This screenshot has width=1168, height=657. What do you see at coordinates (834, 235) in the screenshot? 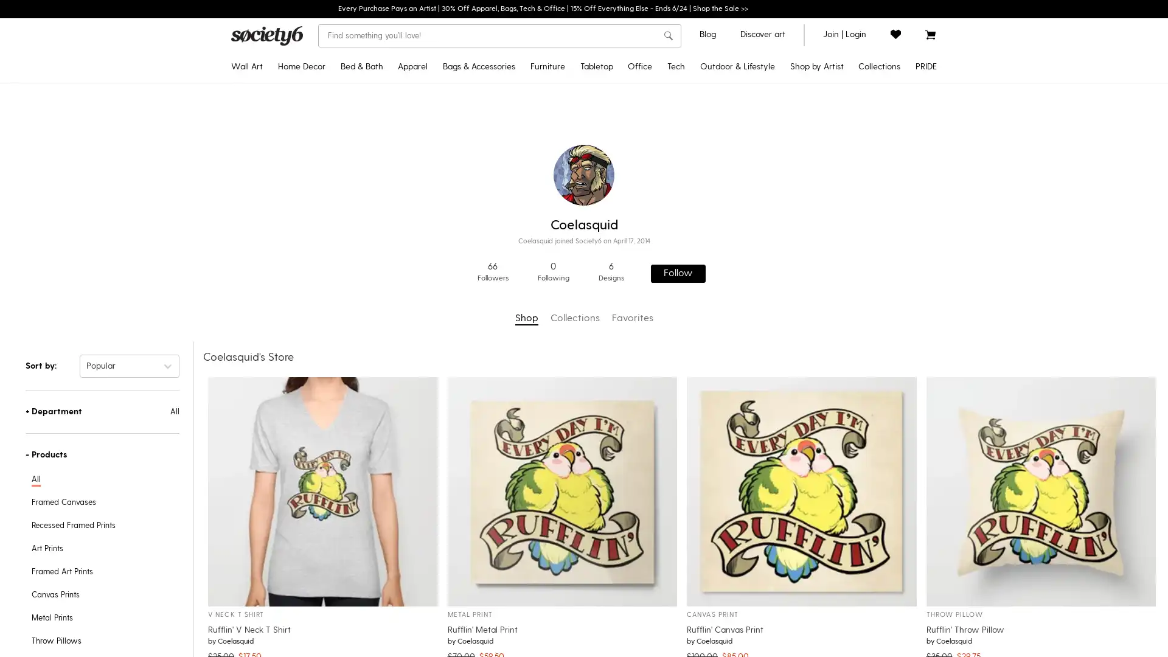
I see `Inspired by Matisse` at bounding box center [834, 235].